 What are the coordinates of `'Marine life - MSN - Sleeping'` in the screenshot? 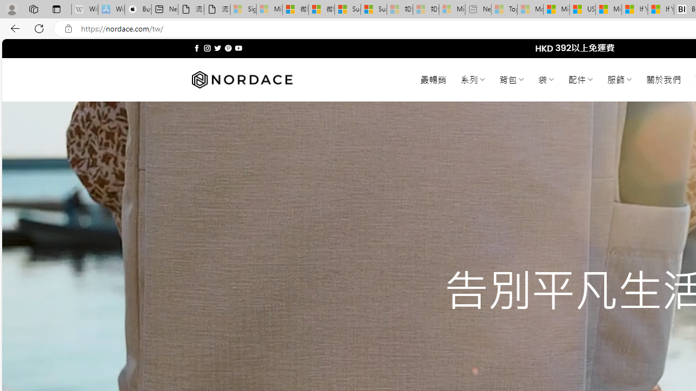 It's located at (531, 9).